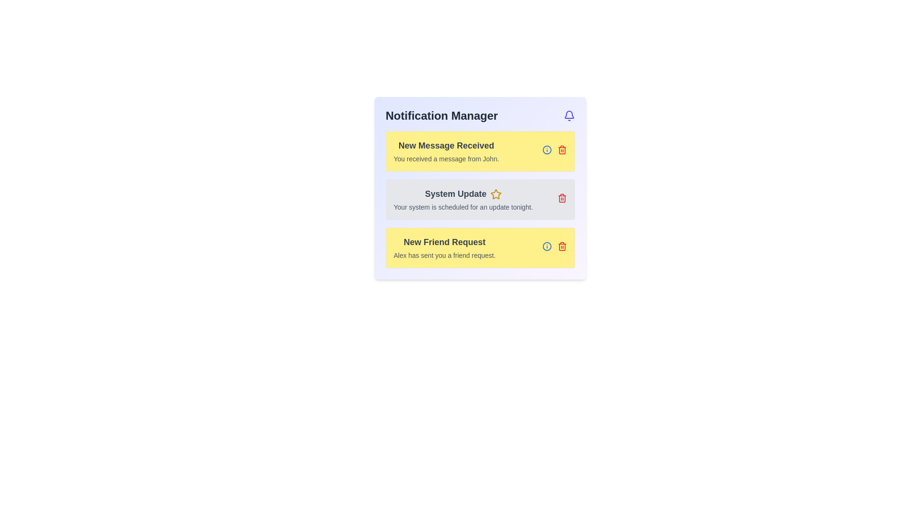  I want to click on the red trash bin icon within the 'System Update' notification card to possibly see a tooltip, so click(562, 197).